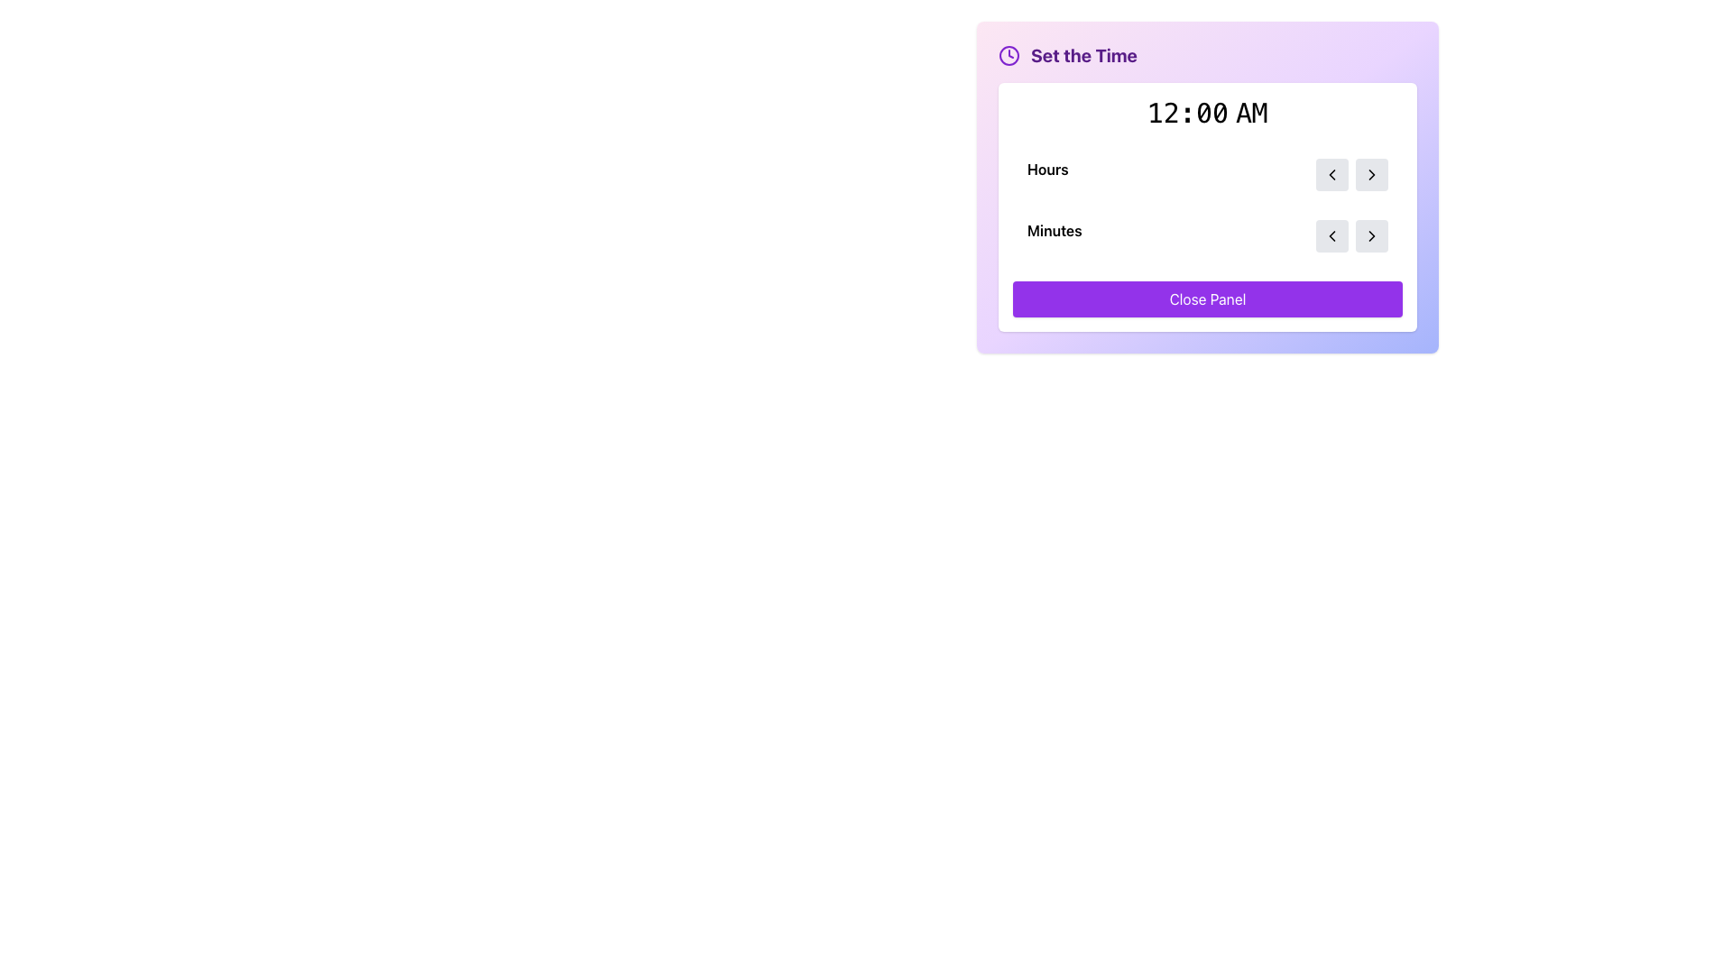 The image size is (1732, 974). I want to click on the leftward chevron button in the 'Minutes' section of the time-adjustment panel to decrease the minute value, so click(1332, 235).